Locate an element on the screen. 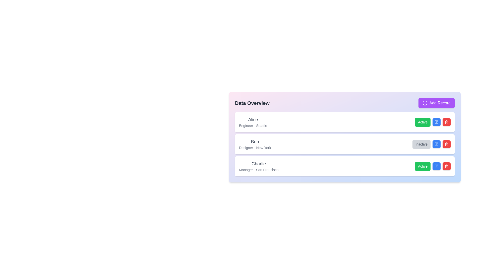 This screenshot has width=482, height=271. the second row of the 'Data Overview' list item representing user 'Bob' is located at coordinates (344, 144).